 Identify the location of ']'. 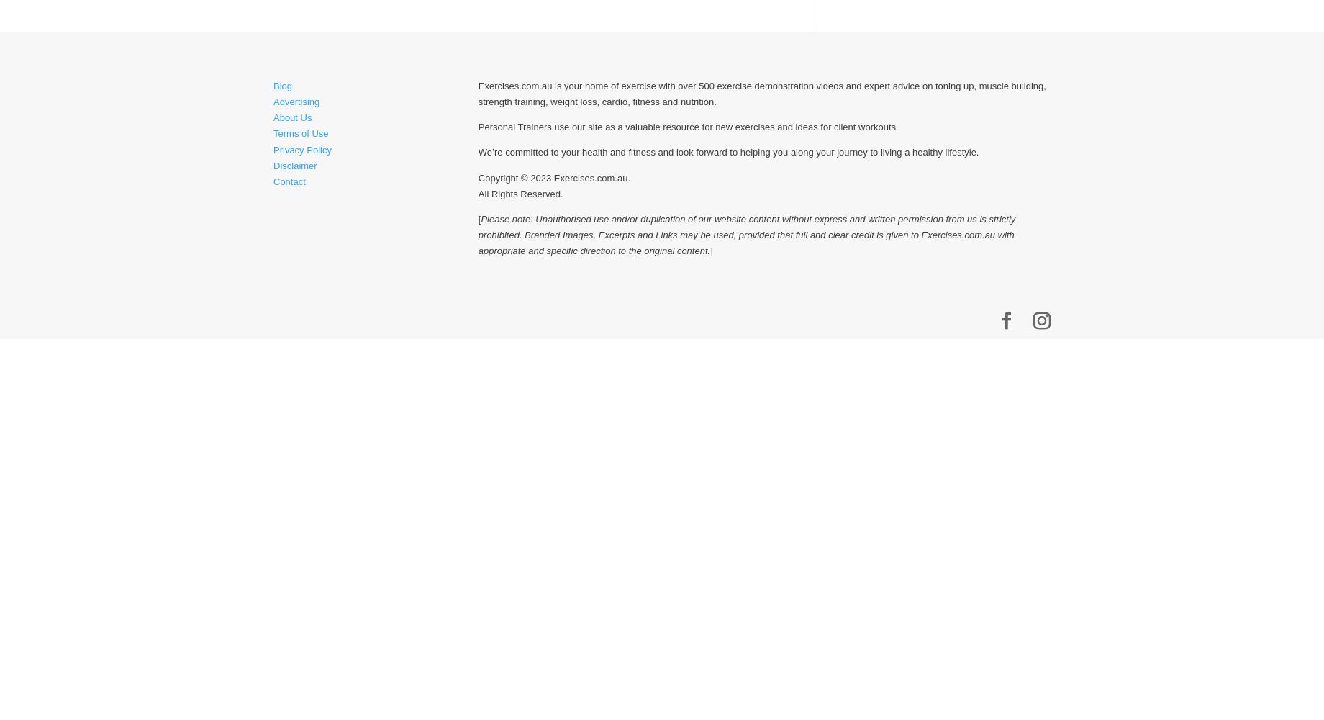
(711, 249).